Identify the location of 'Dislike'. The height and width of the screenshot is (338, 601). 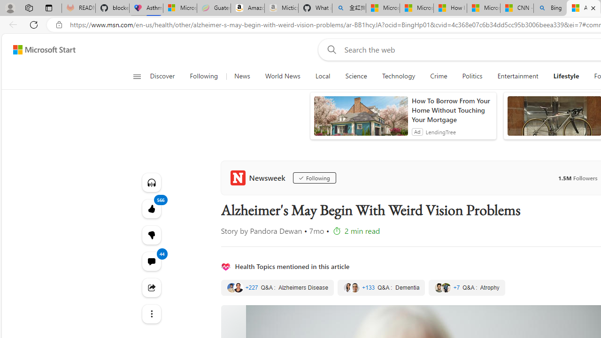
(151, 235).